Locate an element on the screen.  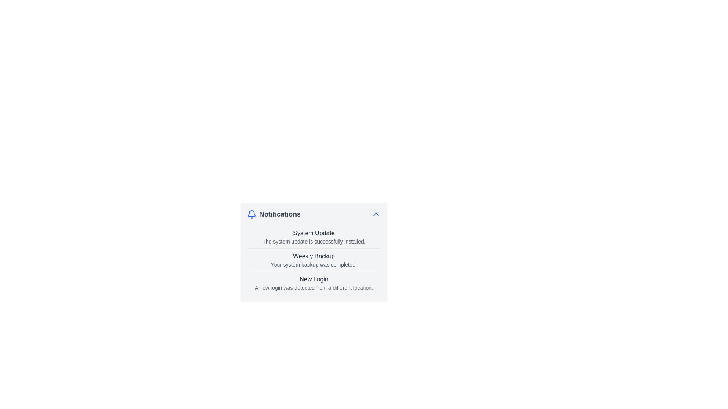
the informational text label that provides details about the completion of a backup operation, located under the 'Weekly Backup' heading in the Notifications section is located at coordinates (314, 264).